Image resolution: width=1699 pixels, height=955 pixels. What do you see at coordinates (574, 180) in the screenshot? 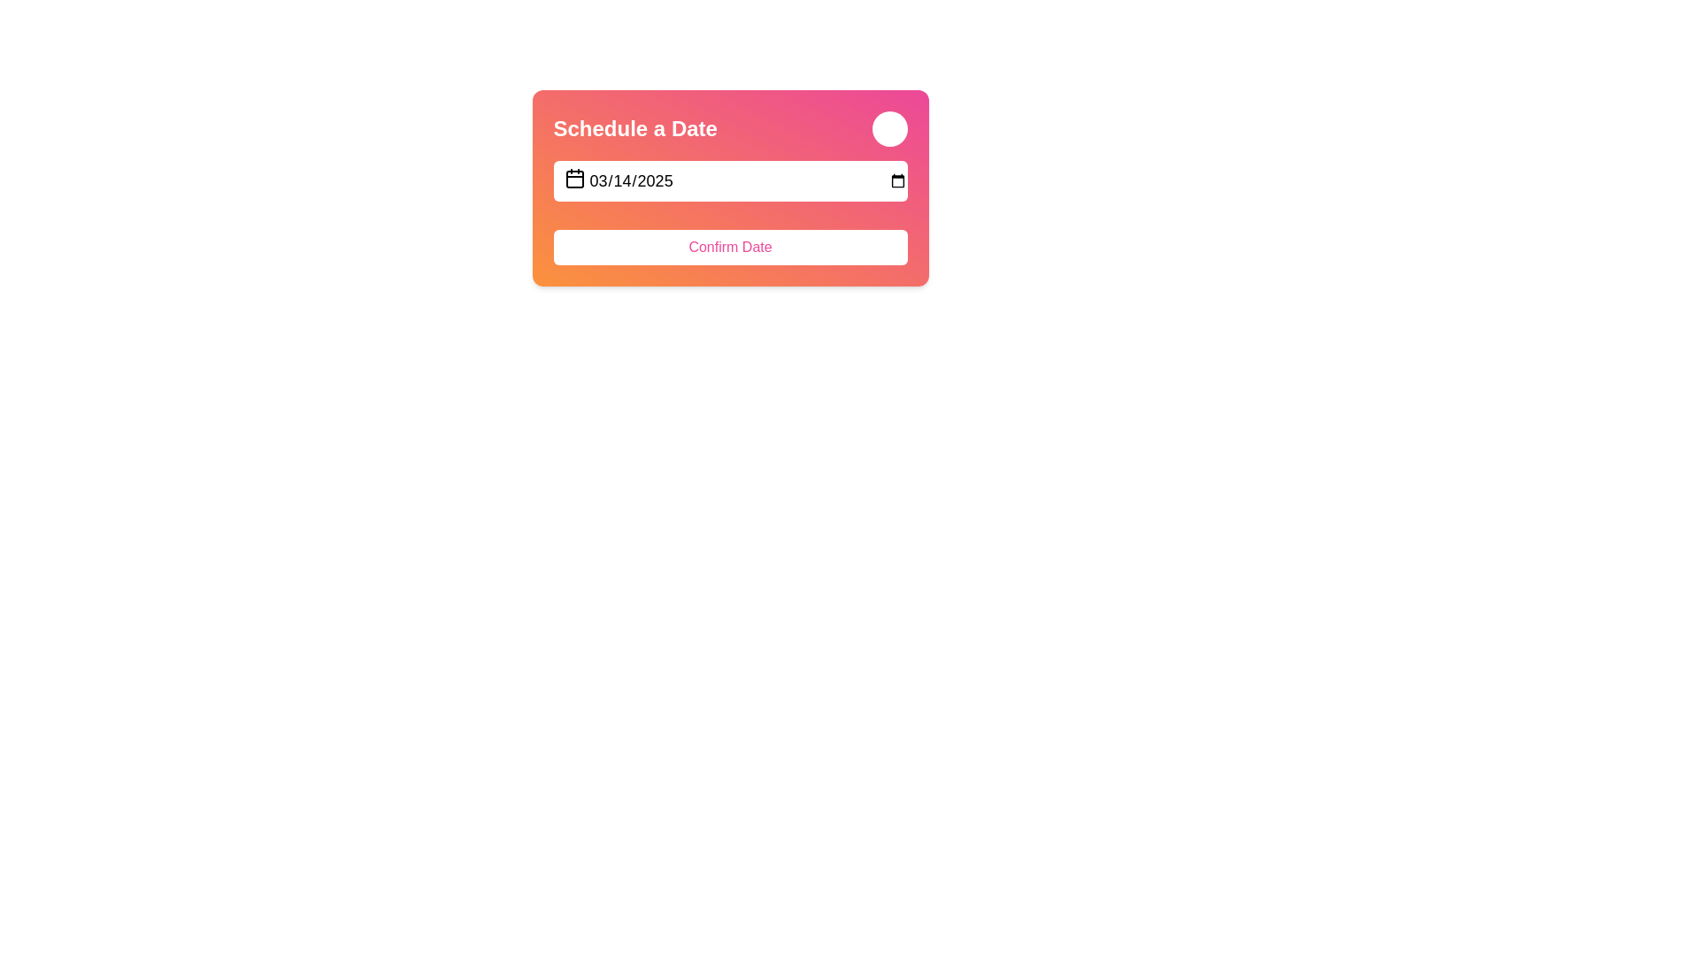
I see `the decorative graphic that is part of the calendar icon located to the left side of the date input field under the title 'Schedule a Date'` at bounding box center [574, 180].